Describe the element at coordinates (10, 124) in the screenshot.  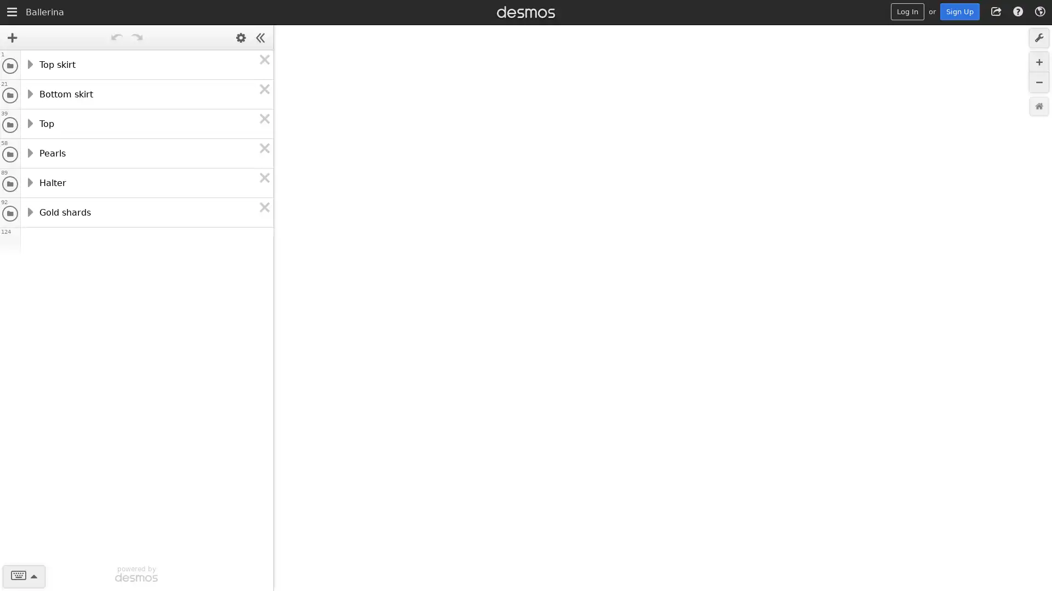
I see `Hide Folder` at that location.